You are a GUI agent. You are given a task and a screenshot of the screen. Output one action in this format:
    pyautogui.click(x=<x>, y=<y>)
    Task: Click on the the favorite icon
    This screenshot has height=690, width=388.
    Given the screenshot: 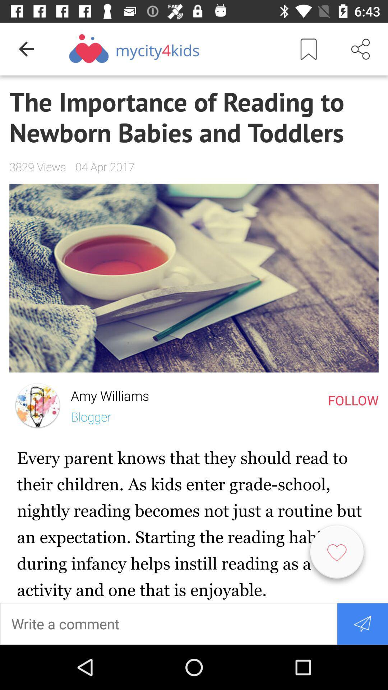 What is the action you would take?
    pyautogui.click(x=337, y=554)
    